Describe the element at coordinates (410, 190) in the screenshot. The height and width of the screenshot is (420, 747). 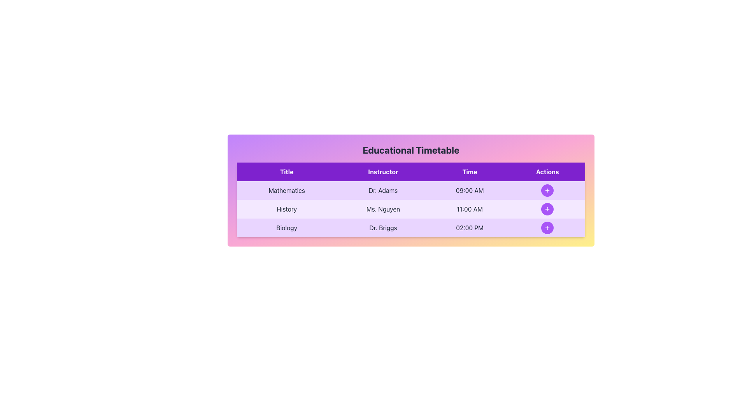
I see `course schedule details from the first row of the 'Educational Timetable' table, which includes the Title 'Mathematics', Instructor 'Dr. Adams', and Time '09:00 AM'` at that location.